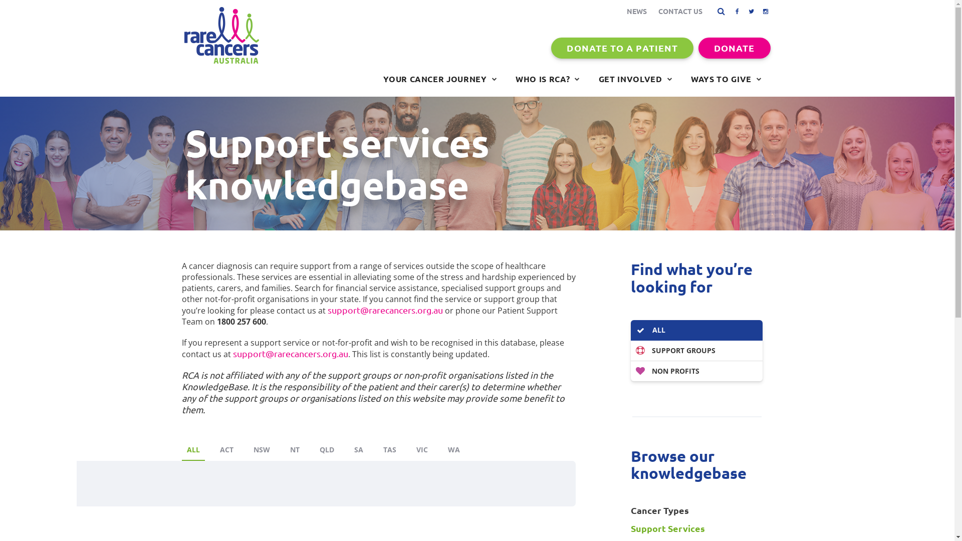 This screenshot has height=541, width=962. I want to click on 'WA', so click(453, 450).